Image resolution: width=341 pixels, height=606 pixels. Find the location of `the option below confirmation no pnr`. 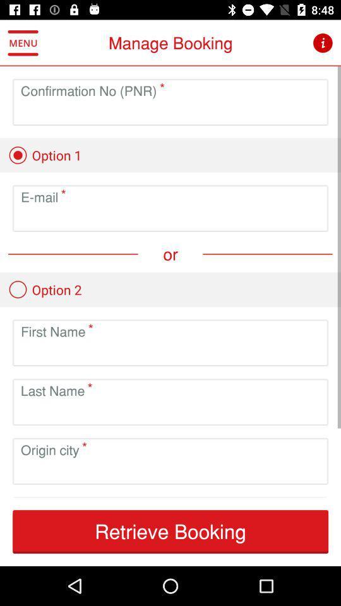

the option below confirmation no pnr is located at coordinates (44, 155).